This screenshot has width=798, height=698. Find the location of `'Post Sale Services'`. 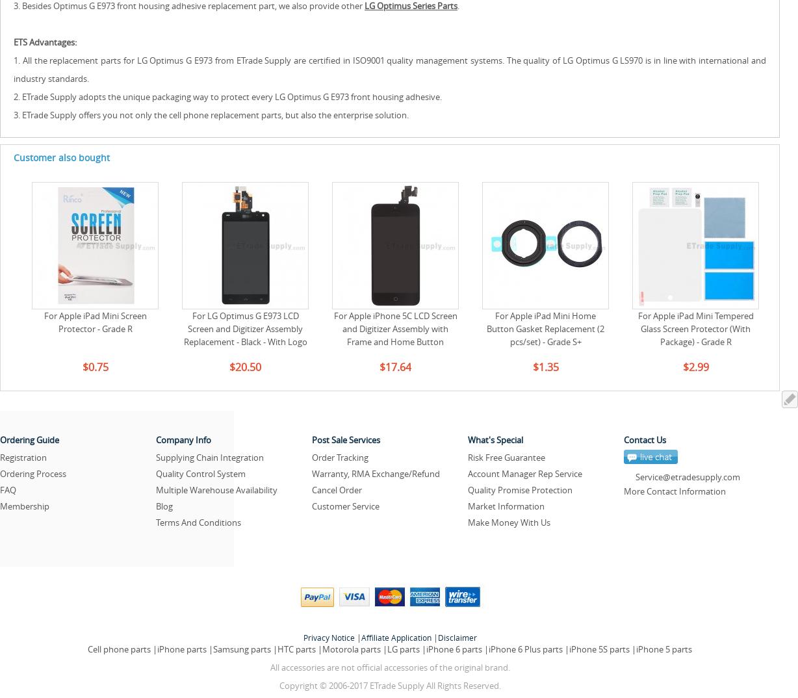

'Post Sale Services' is located at coordinates (345, 439).